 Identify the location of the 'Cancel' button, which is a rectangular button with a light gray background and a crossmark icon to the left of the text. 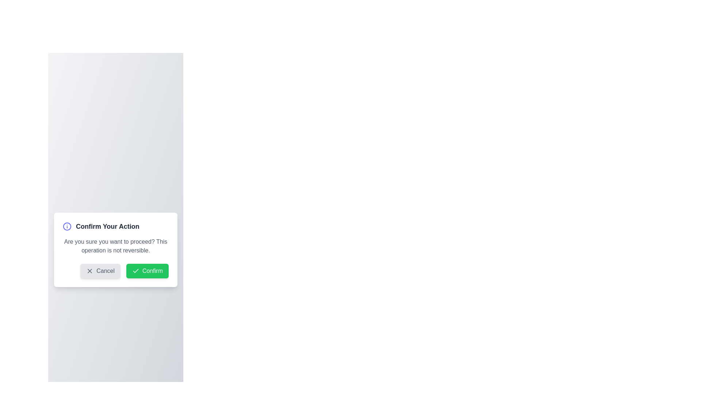
(100, 271).